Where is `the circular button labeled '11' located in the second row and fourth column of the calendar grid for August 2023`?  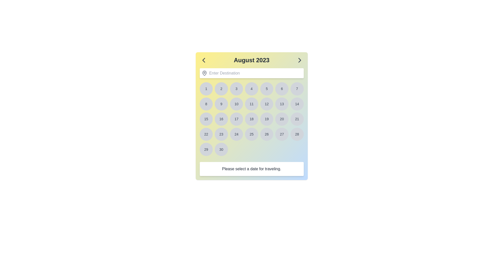 the circular button labeled '11' located in the second row and fourth column of the calendar grid for August 2023 is located at coordinates (251, 103).